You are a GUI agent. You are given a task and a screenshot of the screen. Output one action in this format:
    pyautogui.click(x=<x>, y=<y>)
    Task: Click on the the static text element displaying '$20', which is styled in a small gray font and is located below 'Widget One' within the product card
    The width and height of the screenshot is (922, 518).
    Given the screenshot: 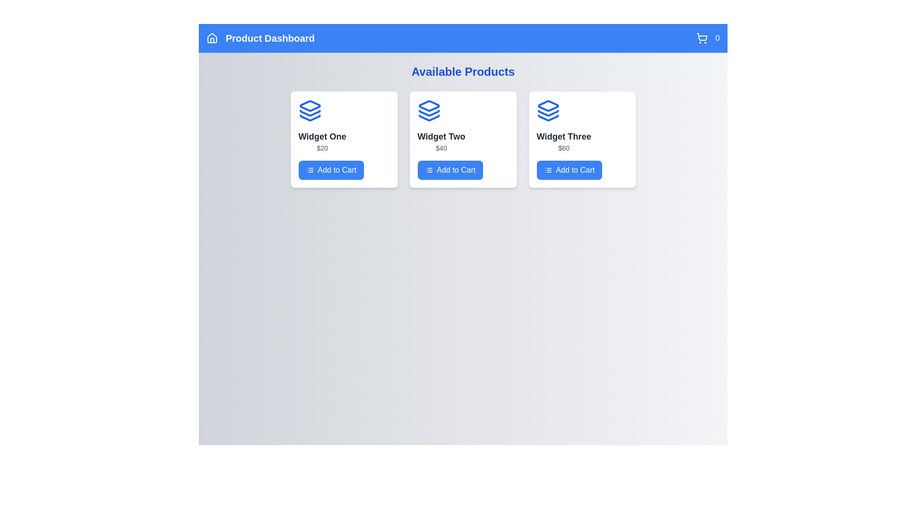 What is the action you would take?
    pyautogui.click(x=322, y=148)
    